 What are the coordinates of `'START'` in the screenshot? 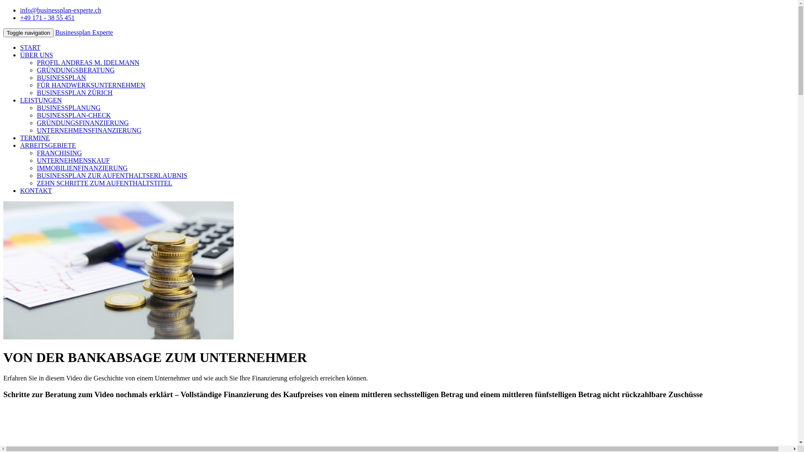 It's located at (30, 47).